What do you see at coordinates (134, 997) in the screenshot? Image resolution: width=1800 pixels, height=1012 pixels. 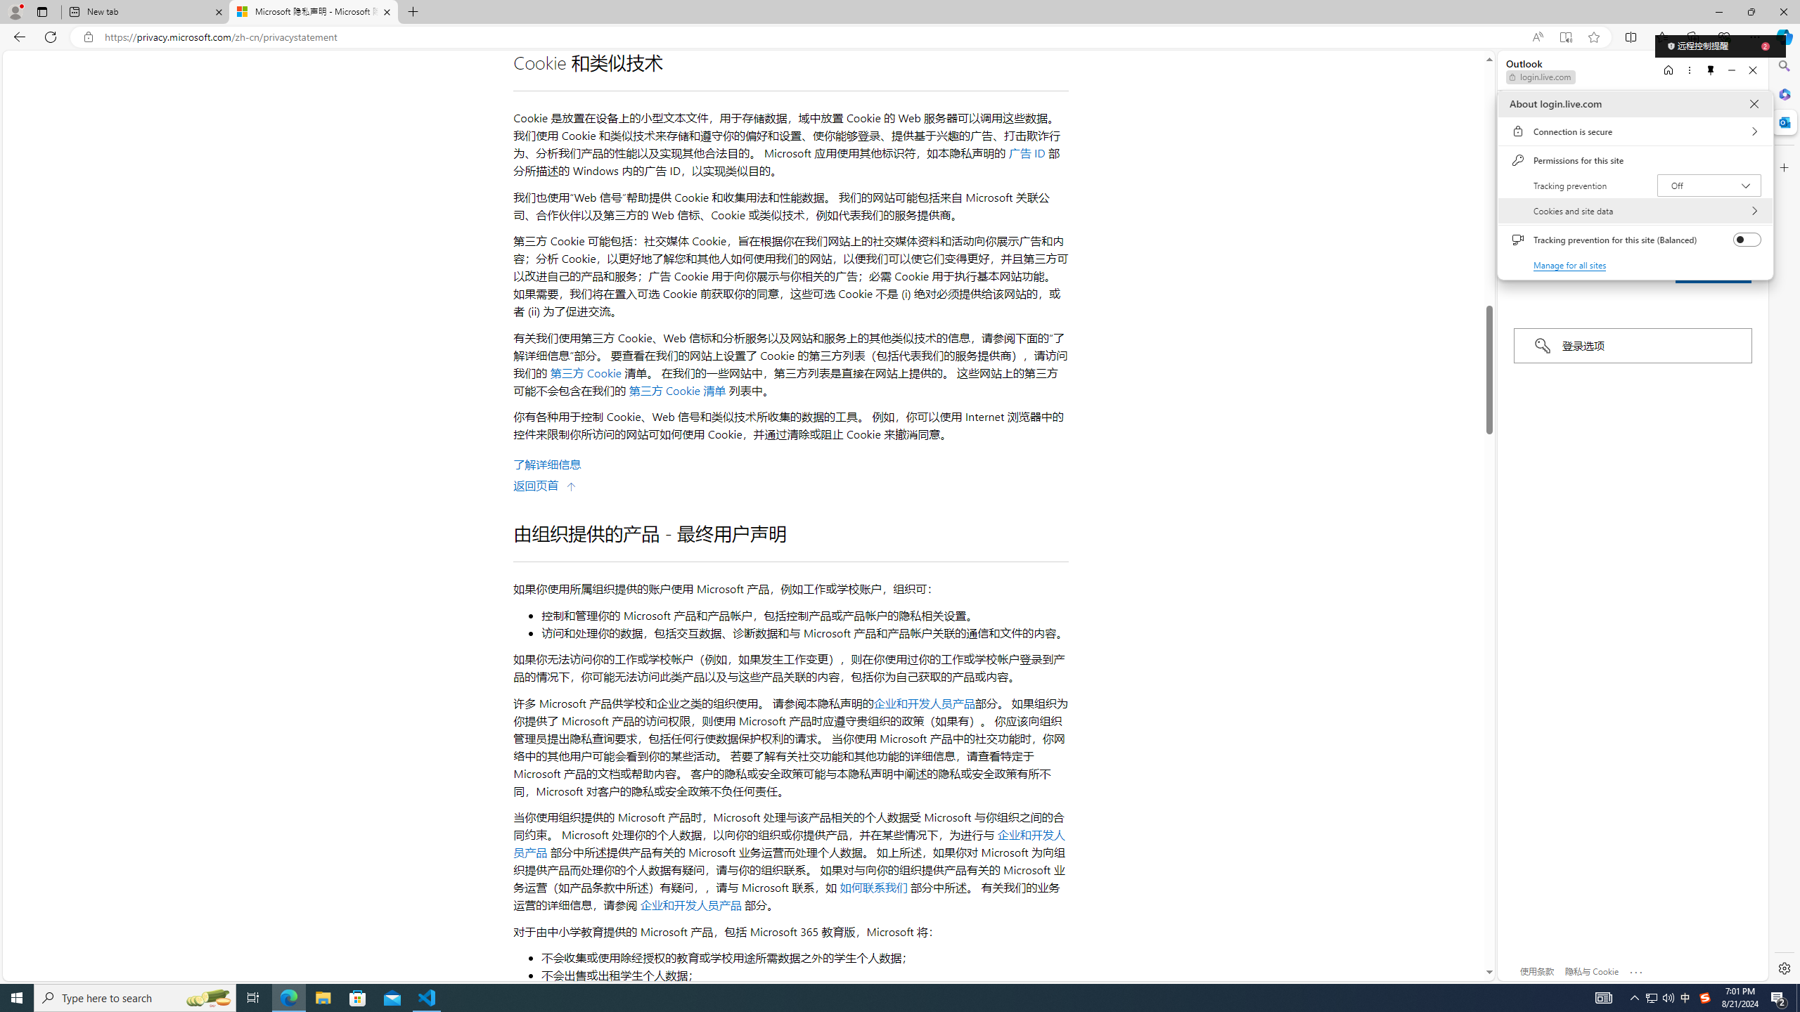 I see `'Type here to search'` at bounding box center [134, 997].